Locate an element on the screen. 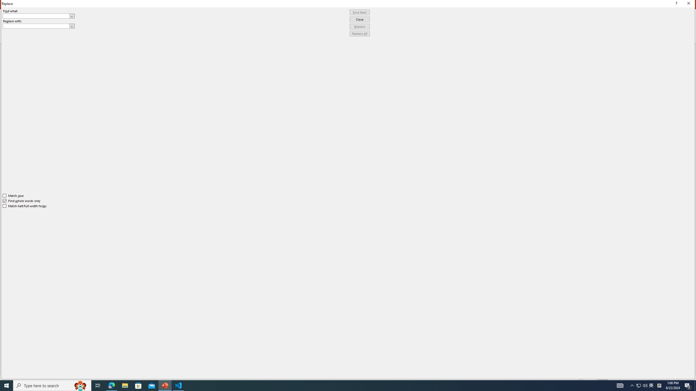 This screenshot has width=696, height=391. 'Replace with' is located at coordinates (39, 26).